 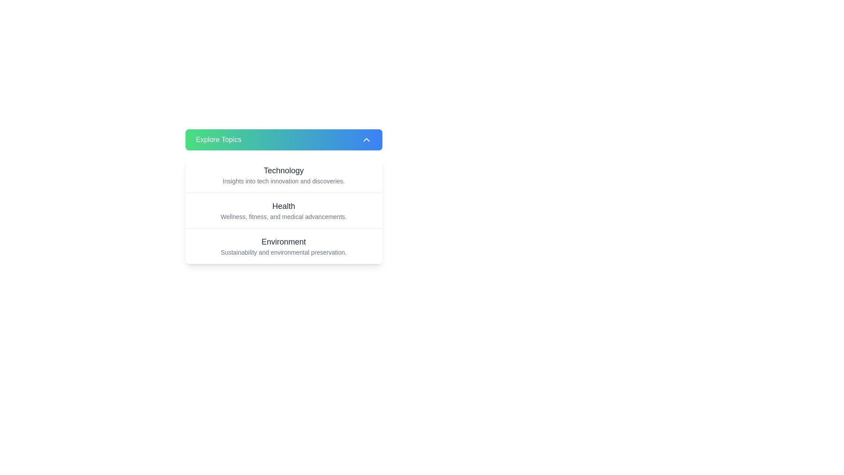 What do you see at coordinates (284, 175) in the screenshot?
I see `the 'Technology' list item` at bounding box center [284, 175].